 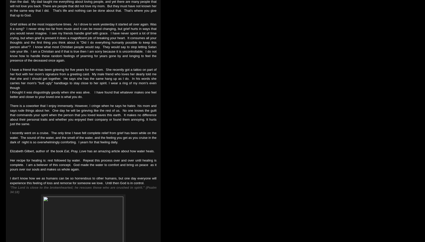 I want to click on 'I thought it was disgustingly gaudy when she was alive.    I have found that whatever makes one feel better and closer to your loved one is what you do.', so click(x=83, y=94).